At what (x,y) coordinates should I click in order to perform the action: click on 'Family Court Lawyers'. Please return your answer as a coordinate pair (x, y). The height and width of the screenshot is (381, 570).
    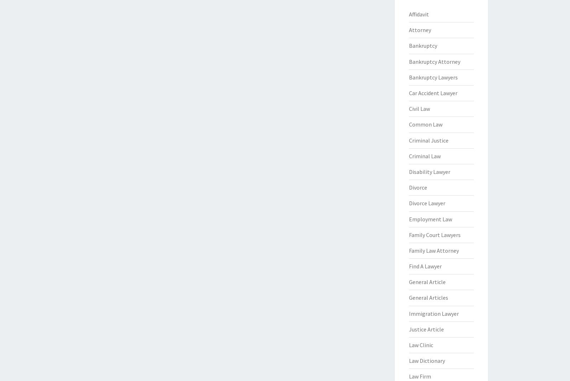
    Looking at the image, I should click on (434, 234).